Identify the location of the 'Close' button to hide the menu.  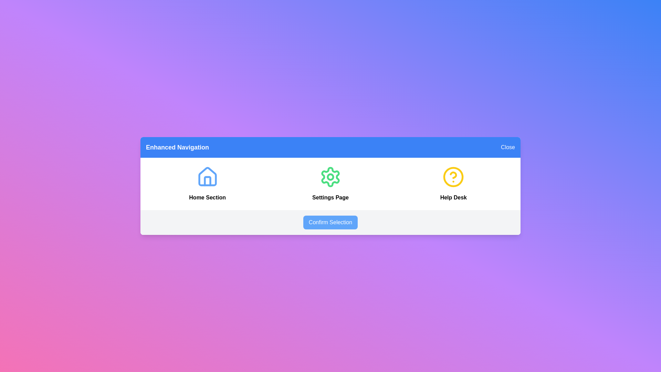
(507, 147).